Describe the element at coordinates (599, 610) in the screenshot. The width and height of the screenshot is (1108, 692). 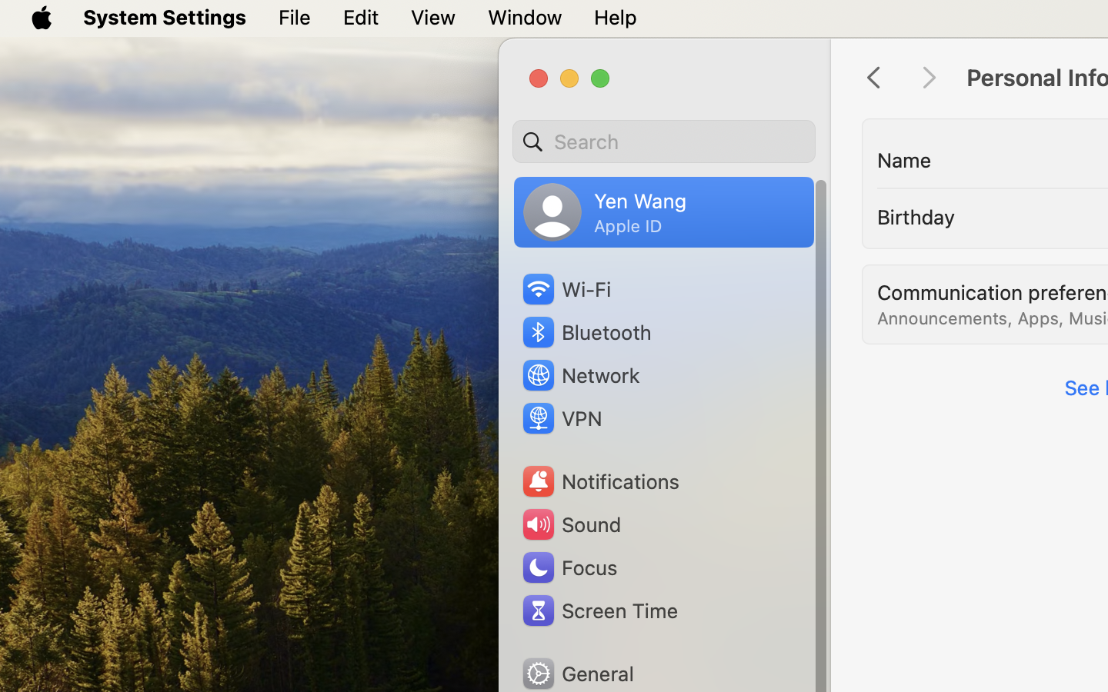
I see `'Screen Time'` at that location.